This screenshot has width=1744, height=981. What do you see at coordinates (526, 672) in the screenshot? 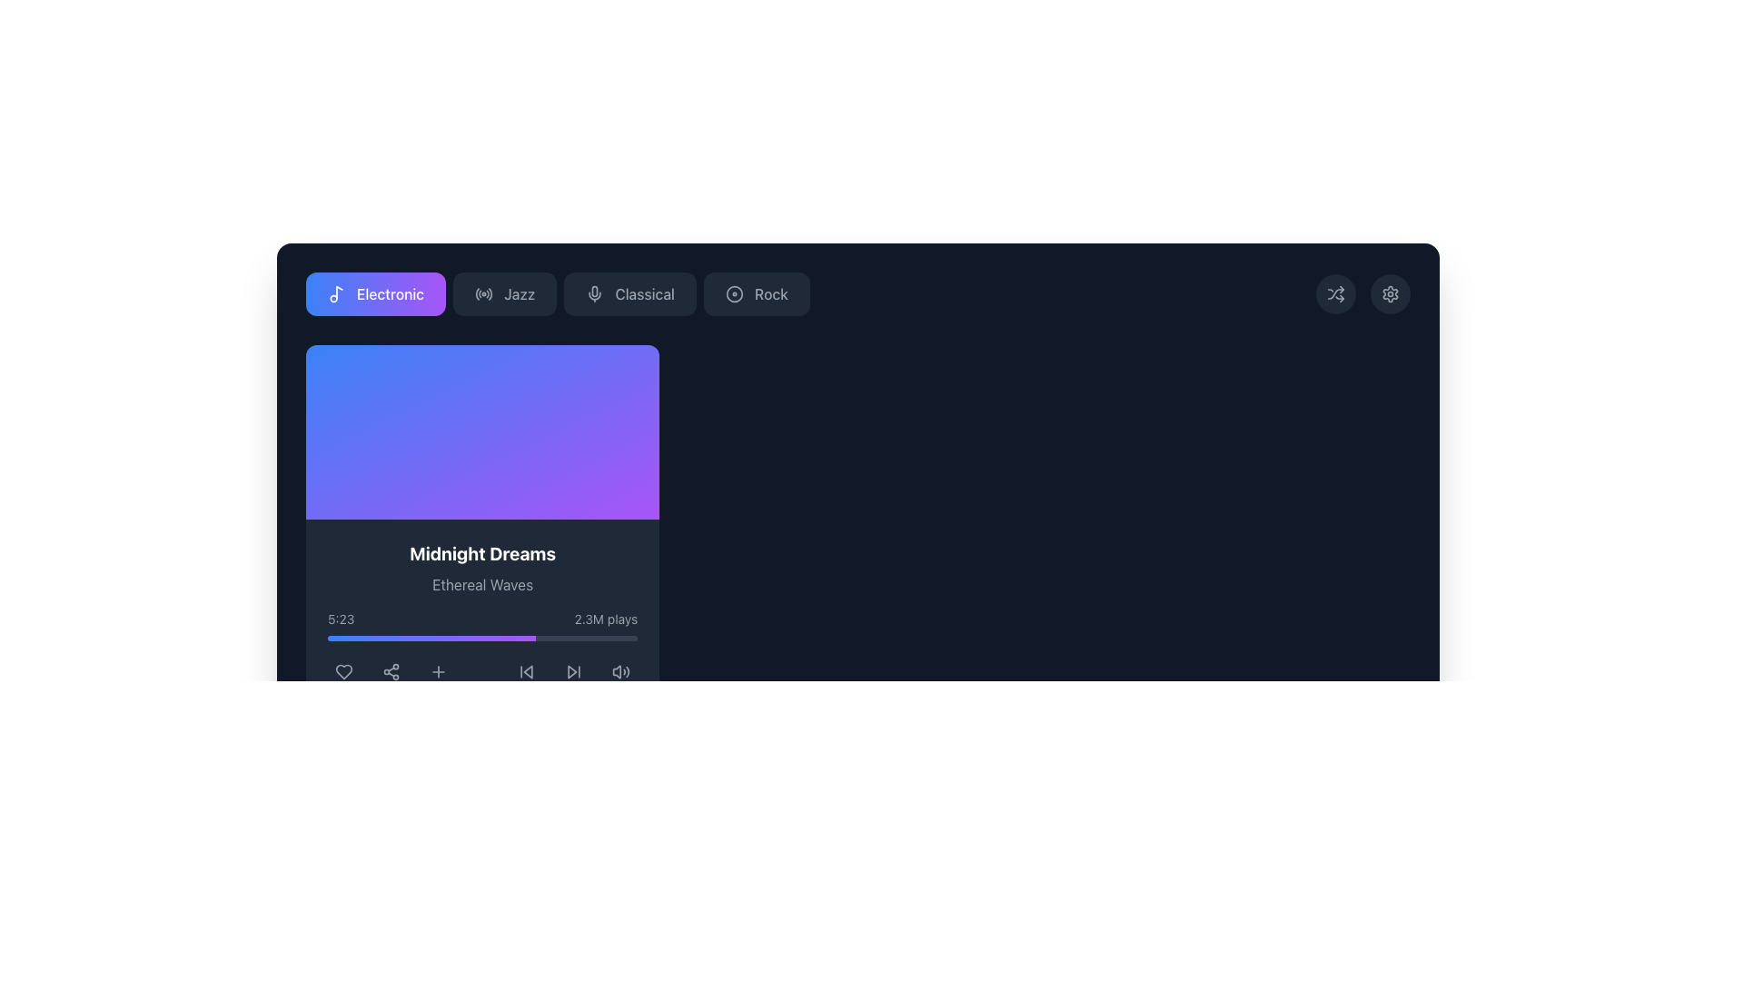
I see `the backward skip button, which features a minimalistic design with a thin white stroke line on a dark background, to skip to the previous track` at bounding box center [526, 672].